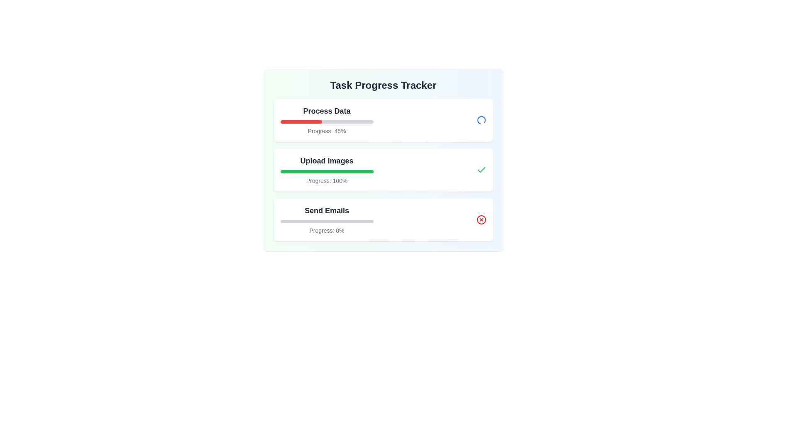 The height and width of the screenshot is (448, 797). What do you see at coordinates (326, 180) in the screenshot?
I see `the static text label indicating the completion status of the 'Upload Images' task, which shows 100% progression and is positioned below the progress bar` at bounding box center [326, 180].